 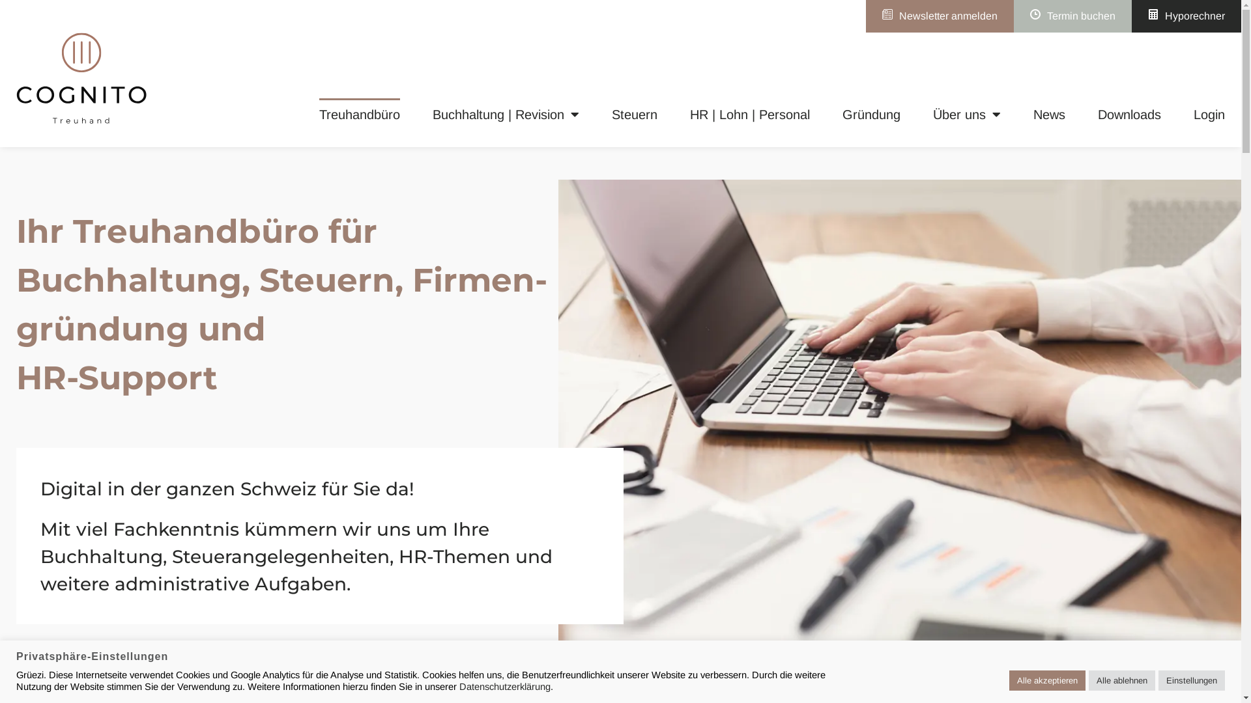 I want to click on 'Buchhaltung | Revision', so click(x=432, y=114).